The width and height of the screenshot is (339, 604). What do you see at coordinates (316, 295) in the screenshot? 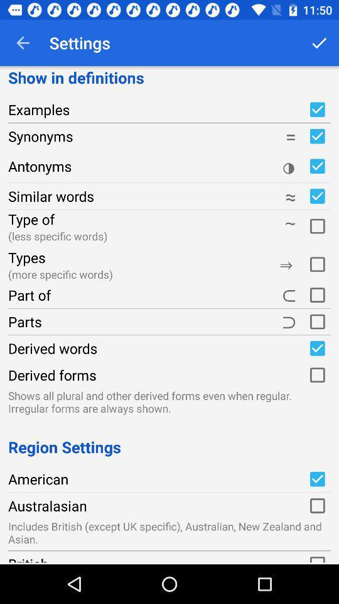
I see `this option` at bounding box center [316, 295].